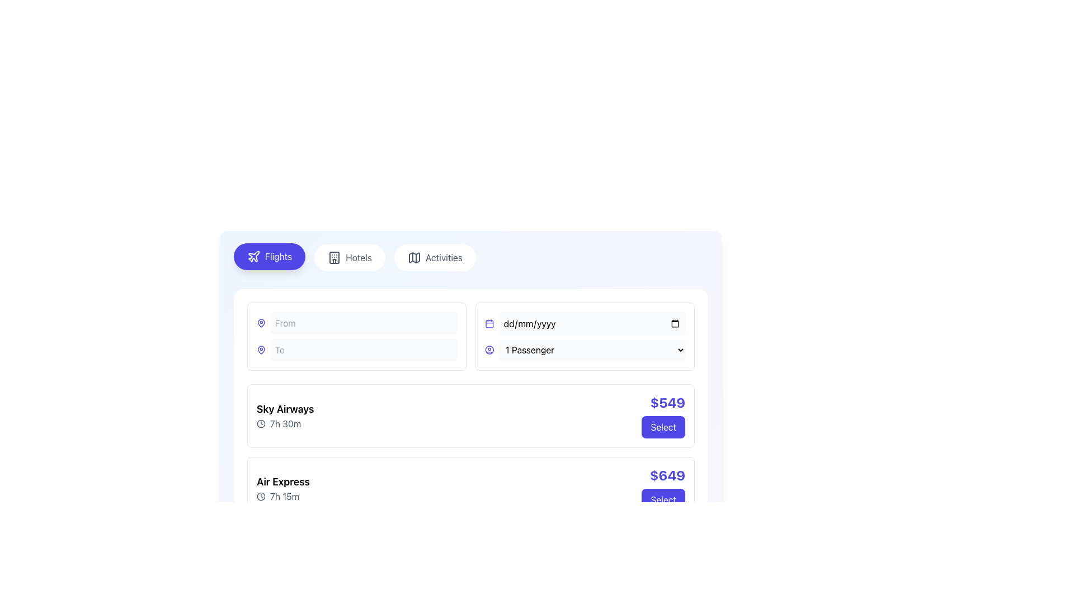  Describe the element at coordinates (488, 347) in the screenshot. I see `the stylized indigo map icon in the navigation bar` at that location.